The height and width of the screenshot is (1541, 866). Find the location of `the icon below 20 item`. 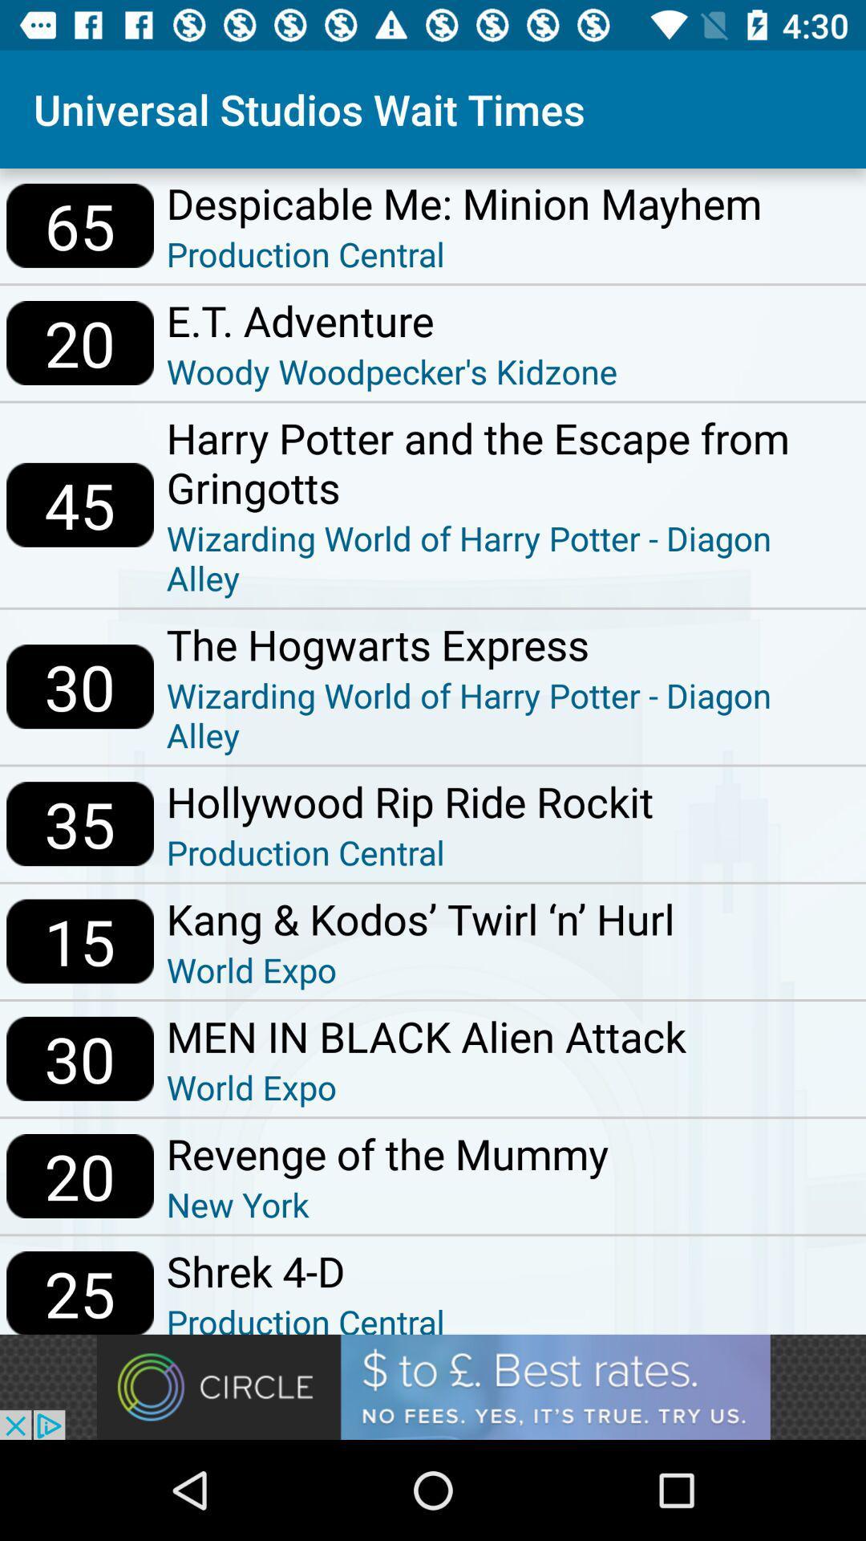

the icon below 20 item is located at coordinates (80, 1293).